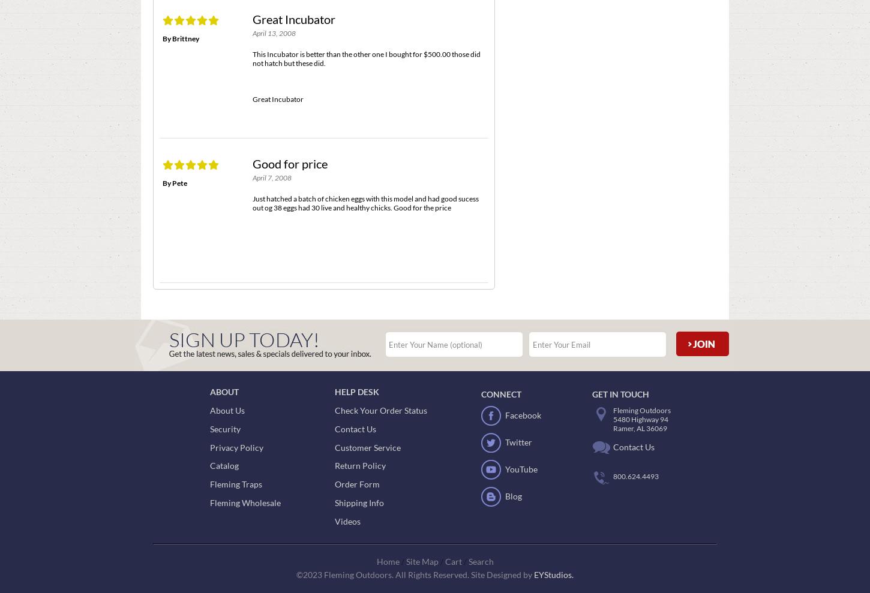 Image resolution: width=870 pixels, height=593 pixels. Describe the element at coordinates (518, 442) in the screenshot. I see `'Twitter'` at that location.